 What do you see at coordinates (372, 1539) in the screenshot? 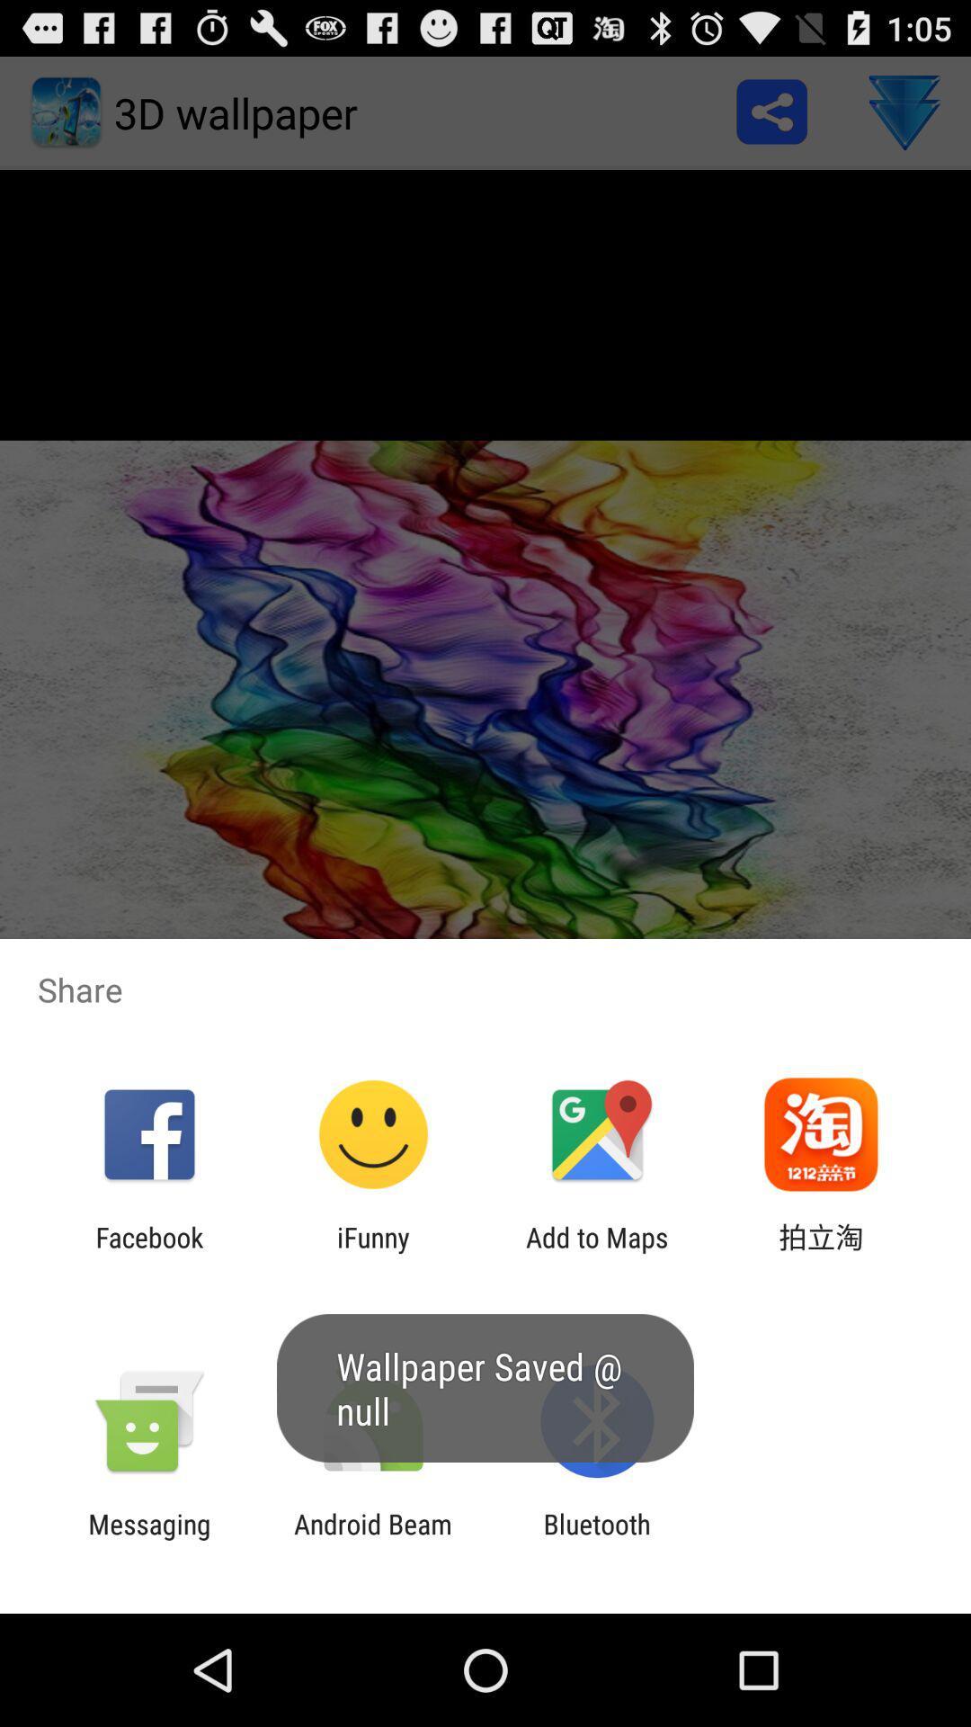
I see `the icon to the left of bluetooth` at bounding box center [372, 1539].